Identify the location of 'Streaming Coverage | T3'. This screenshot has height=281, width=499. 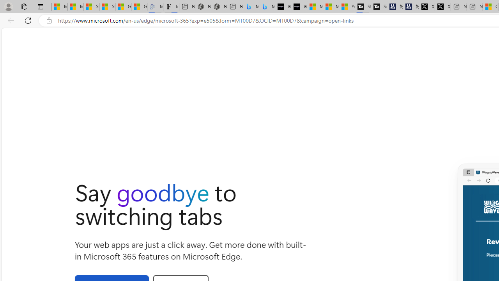
(363, 7).